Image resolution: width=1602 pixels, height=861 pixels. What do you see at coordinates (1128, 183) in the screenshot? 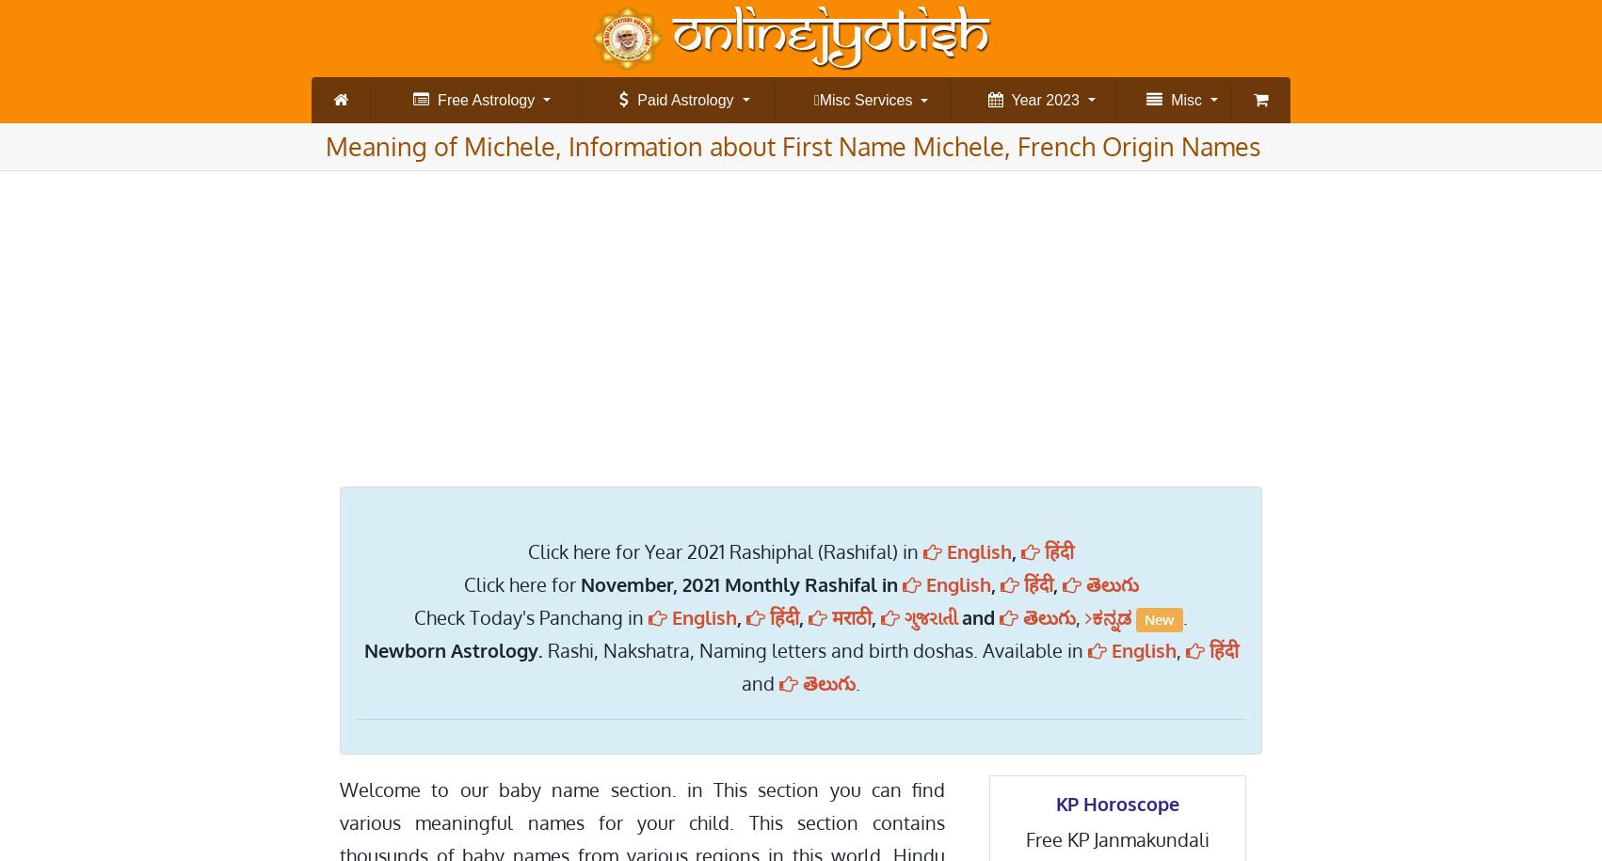
I see `'2023 राशि भविष्य'` at bounding box center [1128, 183].